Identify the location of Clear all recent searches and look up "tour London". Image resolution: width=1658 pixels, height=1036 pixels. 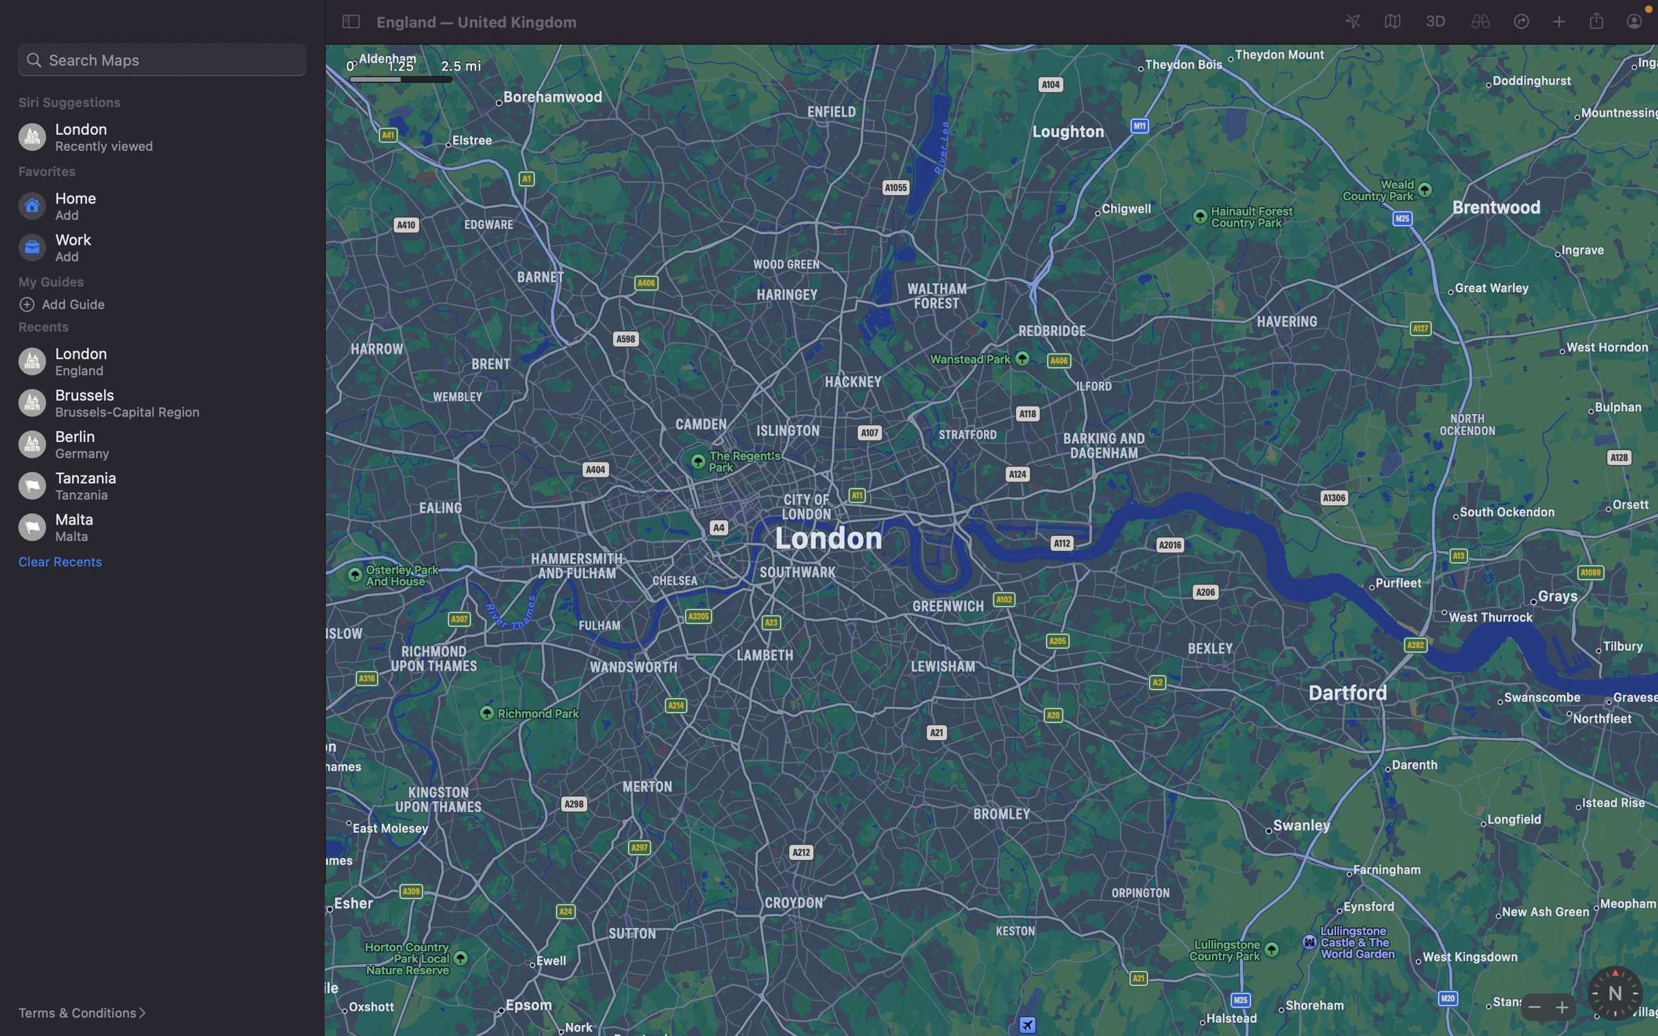
(62, 561).